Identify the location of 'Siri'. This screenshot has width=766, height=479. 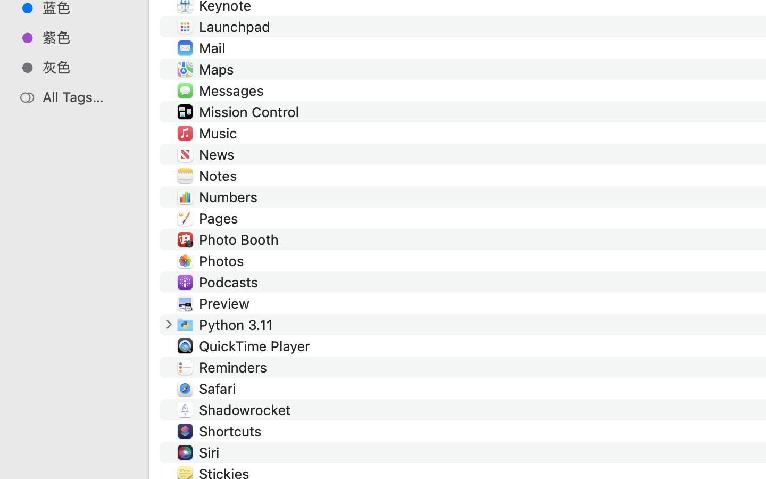
(211, 452).